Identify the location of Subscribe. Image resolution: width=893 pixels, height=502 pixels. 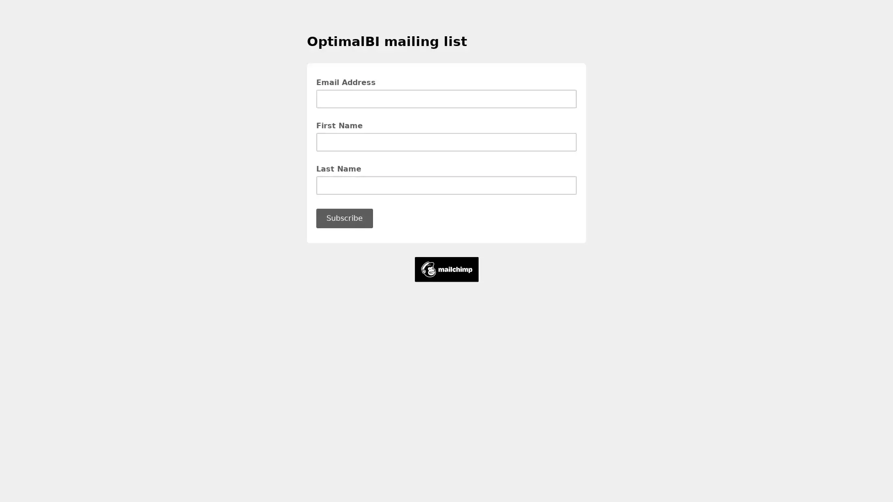
(344, 218).